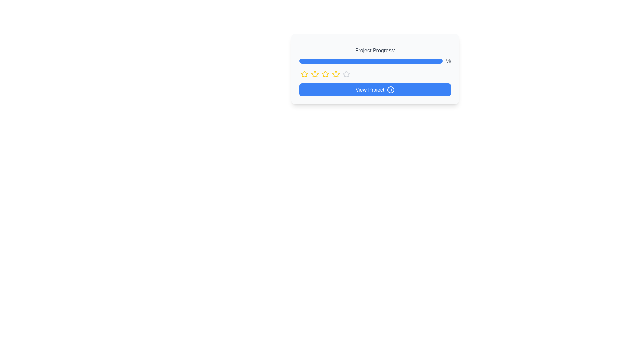  I want to click on the third star in the horizontal sequence of five stars, which is styled with a yellow border and transparent interior, so click(325, 74).